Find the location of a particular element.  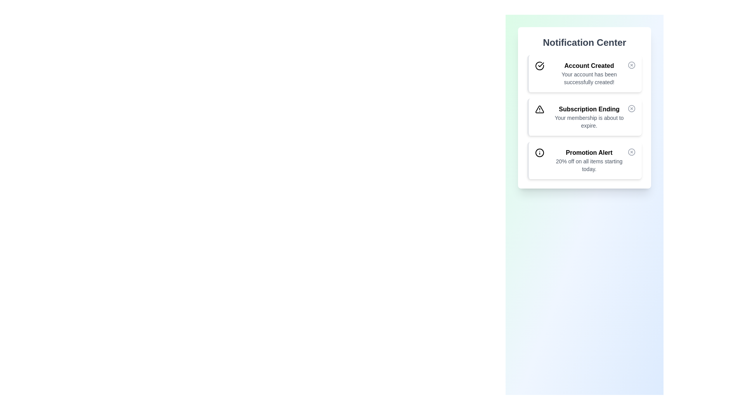

the green circular success icon with a checkmark located to the left of the 'Account Created' text in the notification card is located at coordinates (539, 65).